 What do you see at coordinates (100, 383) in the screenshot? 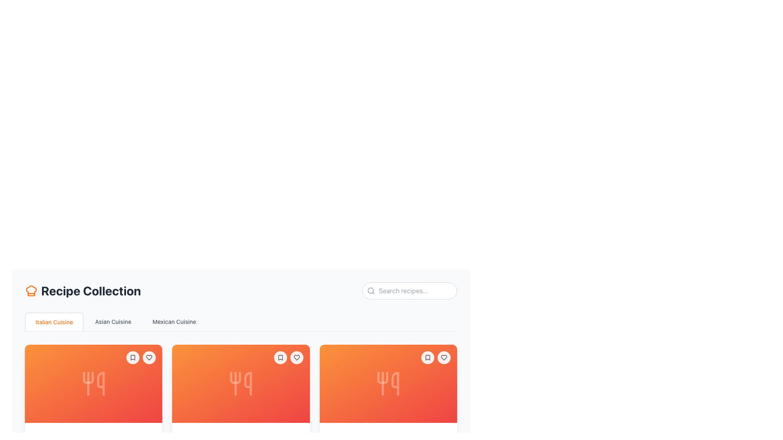
I see `the rightmost part of the cutlery icon, which resembles the handle of a fork or spoon, located slightly left of center within the leftmost card of a series of horizontal cards` at bounding box center [100, 383].